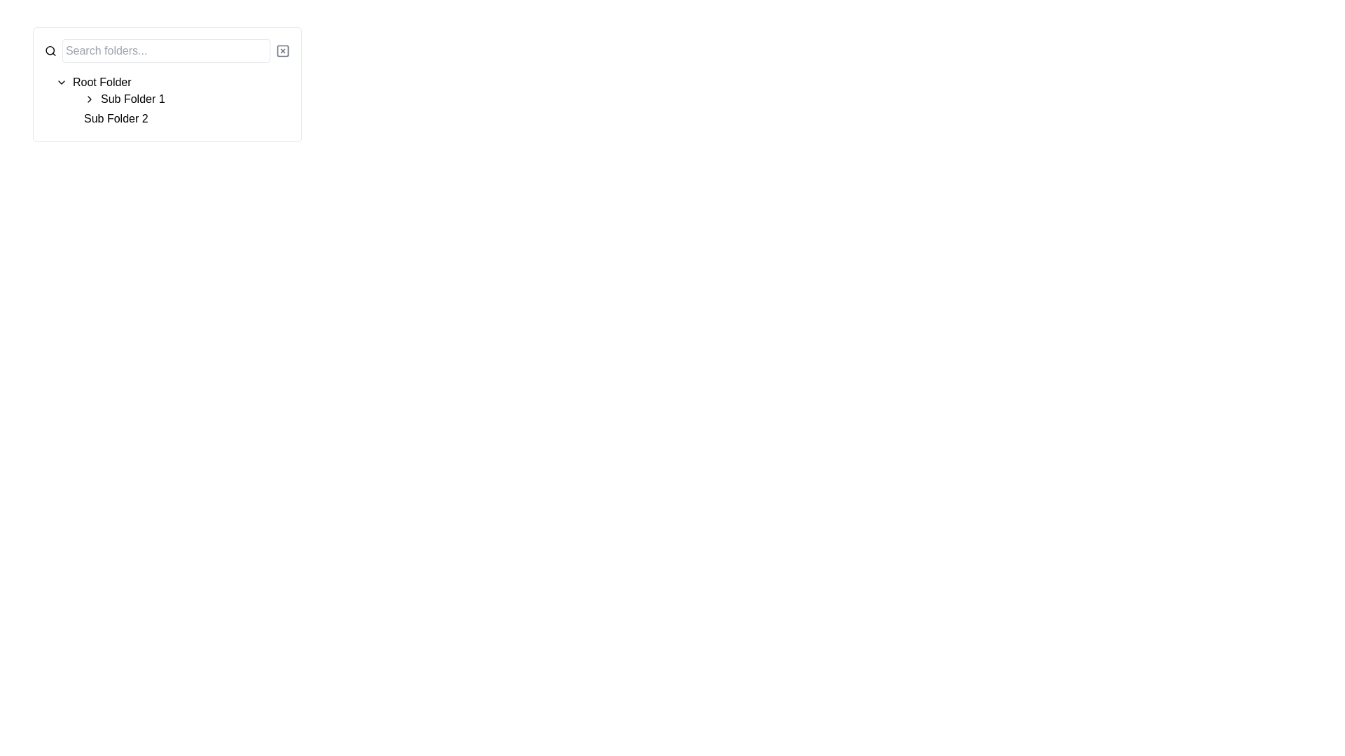  Describe the element at coordinates (60, 83) in the screenshot. I see `the chevron-down icon located to the left of the 'Root Folder' text` at that location.